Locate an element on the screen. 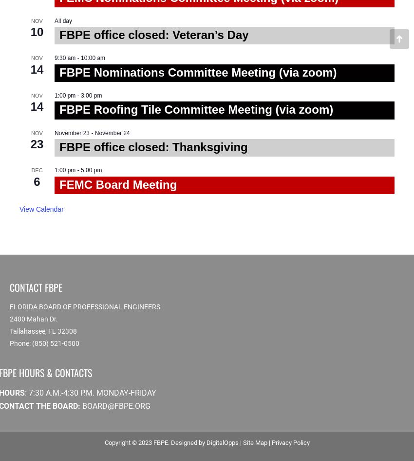  '23' is located at coordinates (37, 144).